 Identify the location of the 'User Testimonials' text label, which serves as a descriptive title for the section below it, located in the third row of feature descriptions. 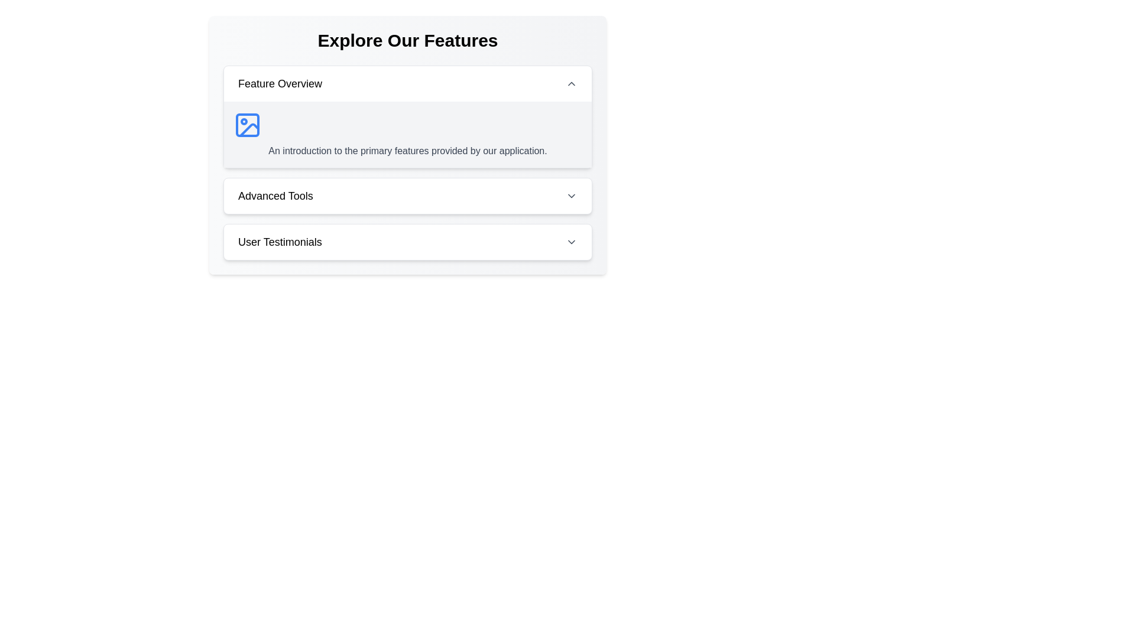
(279, 241).